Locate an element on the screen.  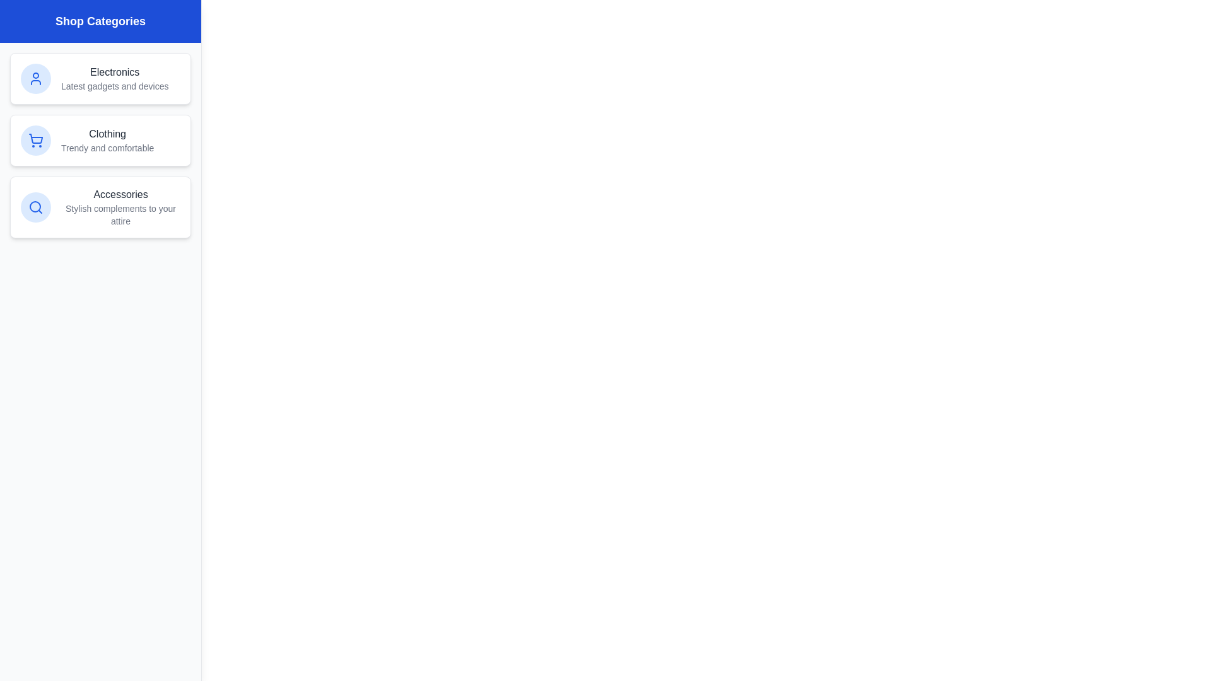
the item Clothing in the list to highlight it is located at coordinates (100, 141).